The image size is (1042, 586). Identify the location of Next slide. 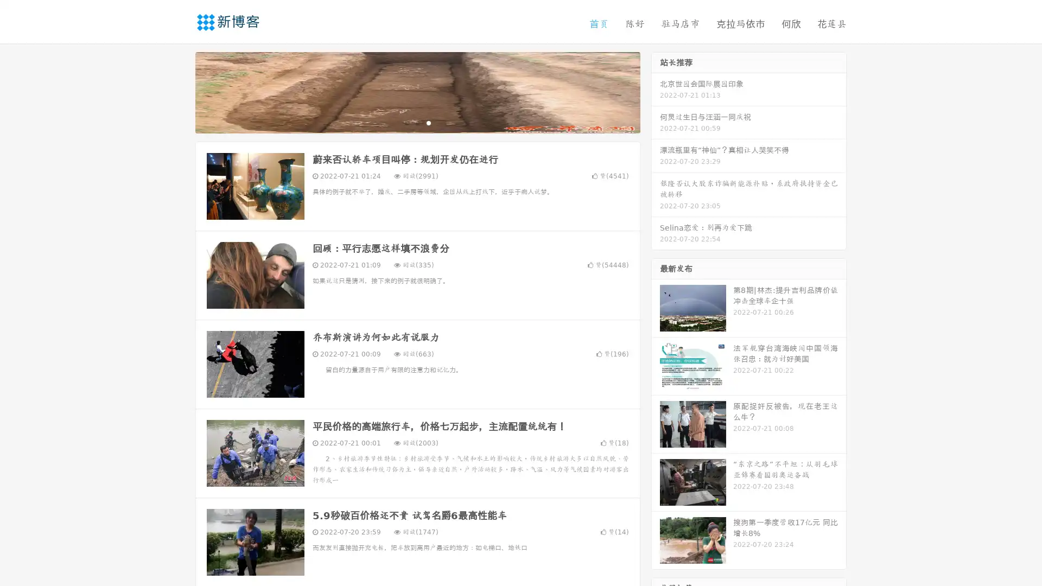
(656, 91).